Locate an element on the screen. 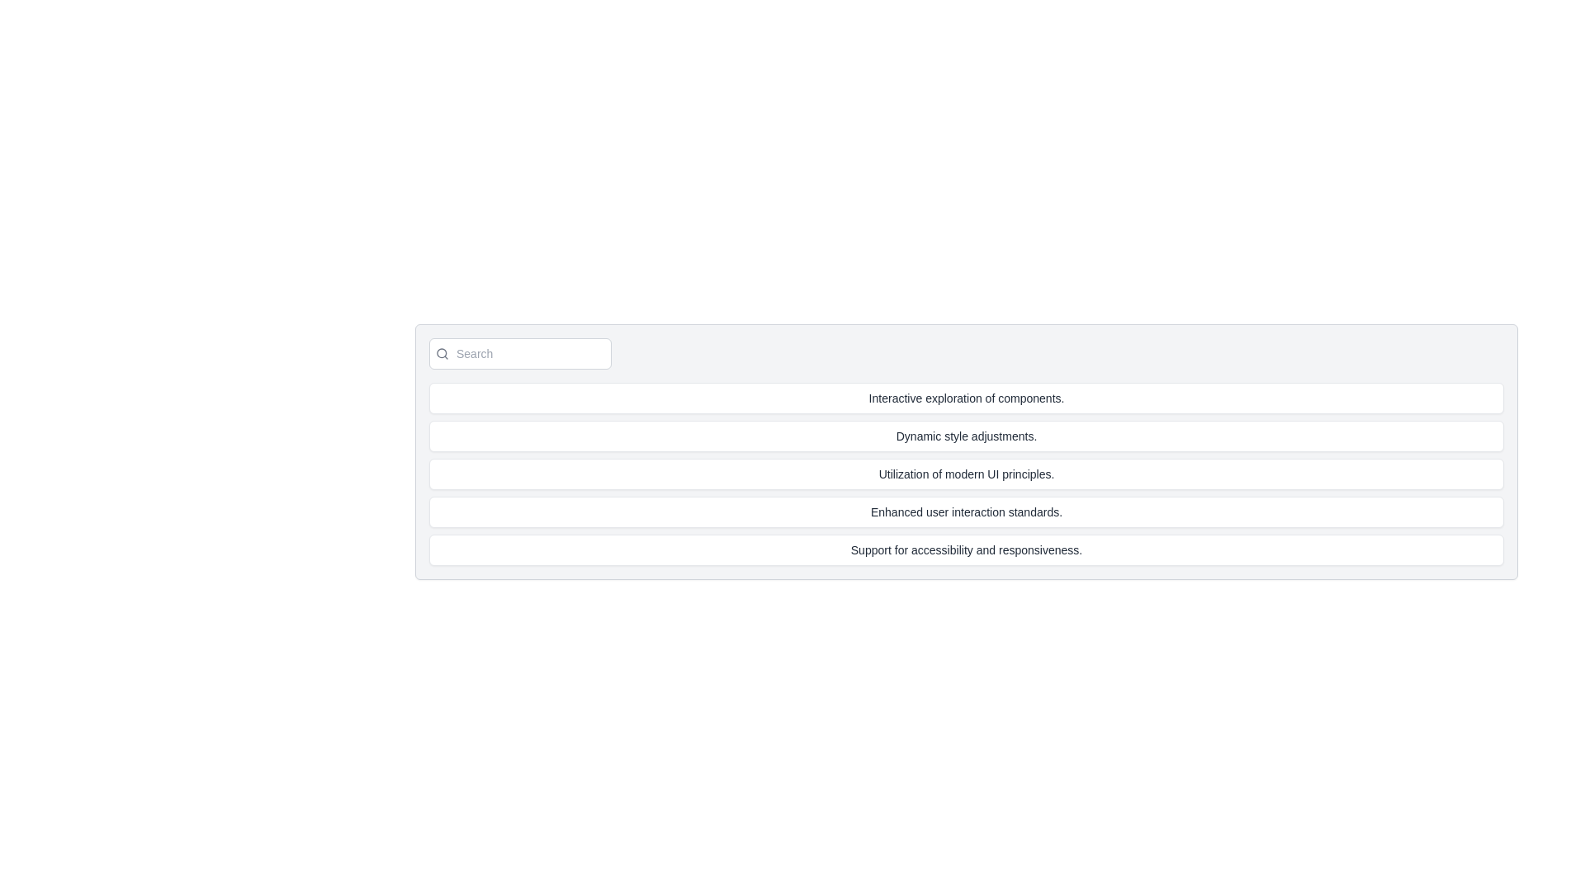 This screenshot has height=891, width=1585. the lowercase letter 'a' in the phrase 'Support for accessibility and responsiveness', which is located between 'for' and 'accessibility' is located at coordinates (913, 550).